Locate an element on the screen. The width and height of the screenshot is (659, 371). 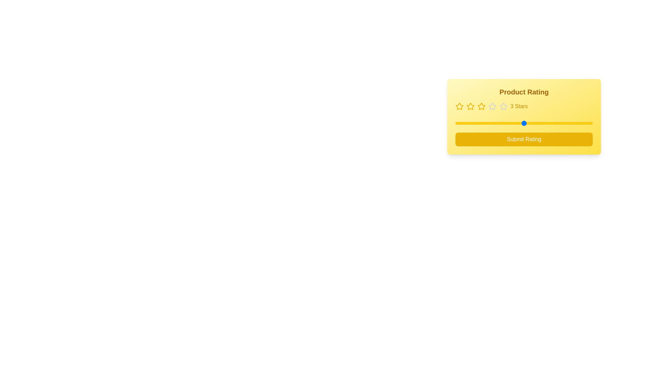
the slider is located at coordinates (558, 123).